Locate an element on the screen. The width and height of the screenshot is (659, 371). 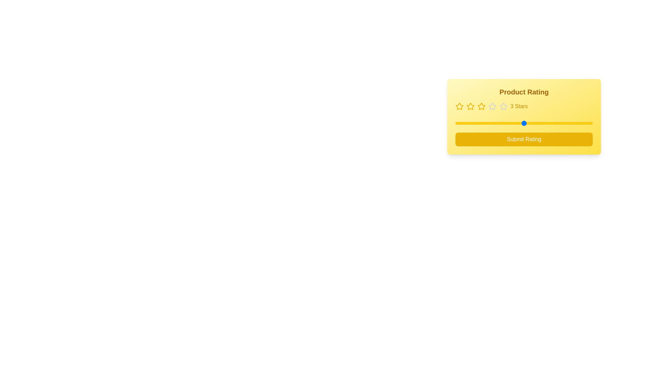
the slider is located at coordinates (558, 123).